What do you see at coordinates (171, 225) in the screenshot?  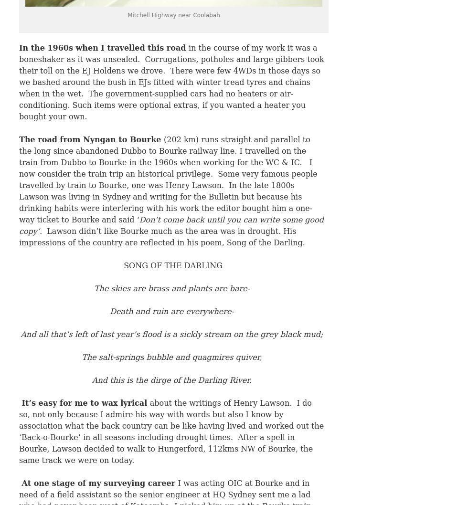 I see `'Don’t come back until you can write some good copy’.'` at bounding box center [171, 225].